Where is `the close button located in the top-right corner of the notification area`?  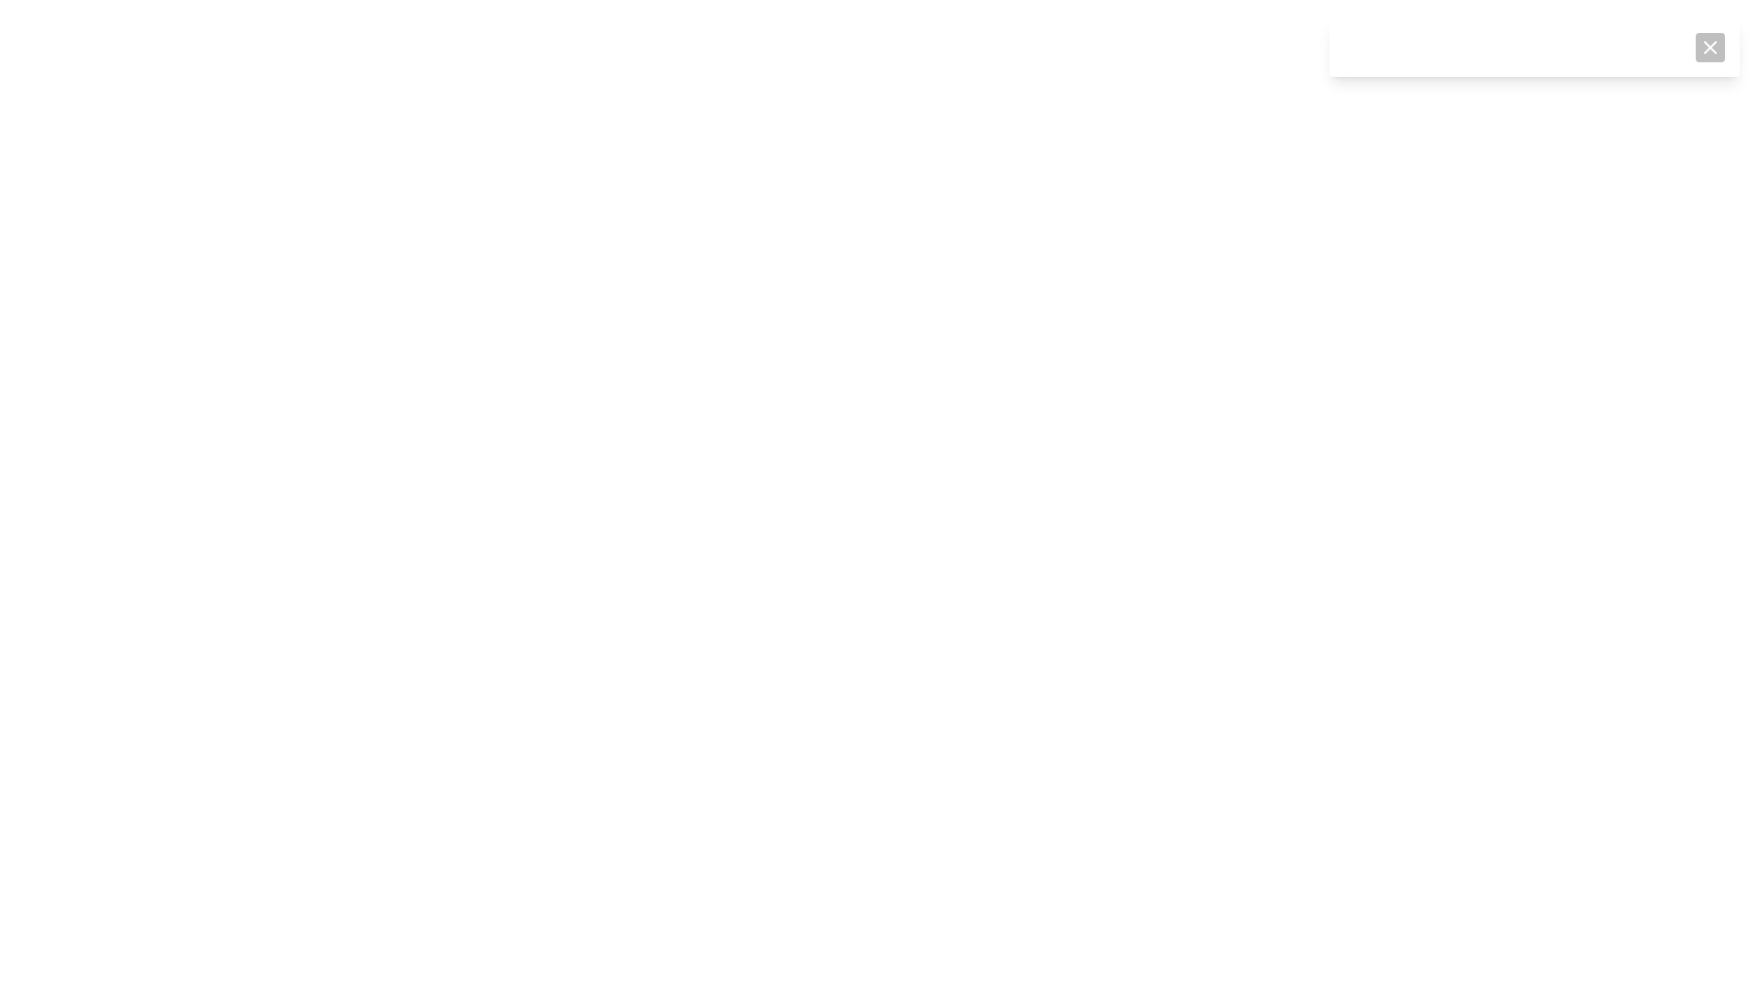 the close button located in the top-right corner of the notification area is located at coordinates (1709, 46).